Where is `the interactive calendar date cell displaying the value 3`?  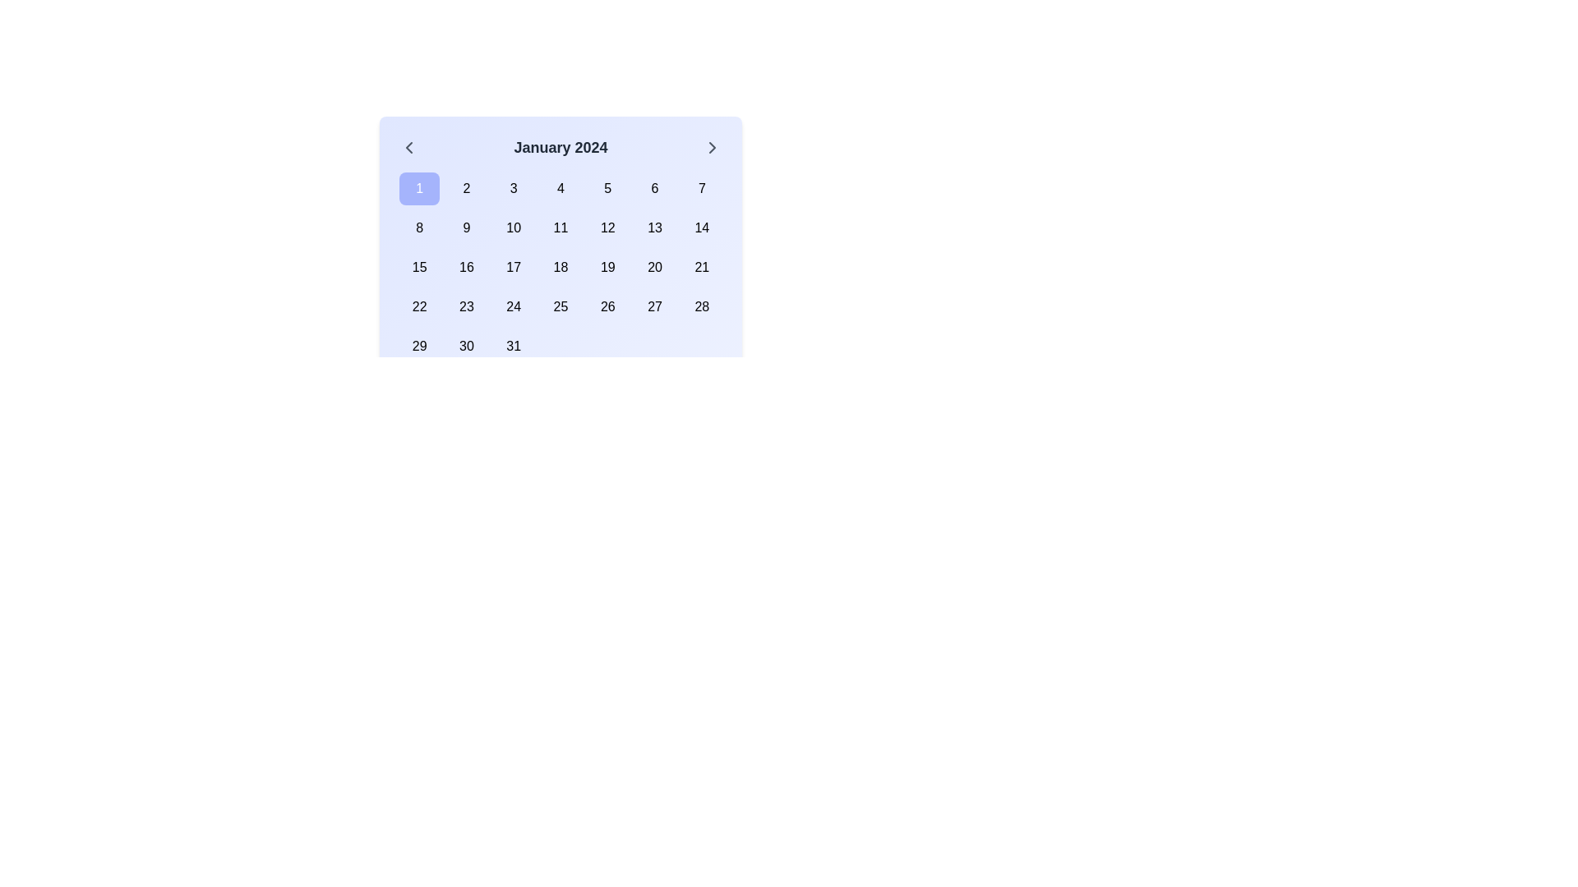
the interactive calendar date cell displaying the value 3 is located at coordinates (513, 188).